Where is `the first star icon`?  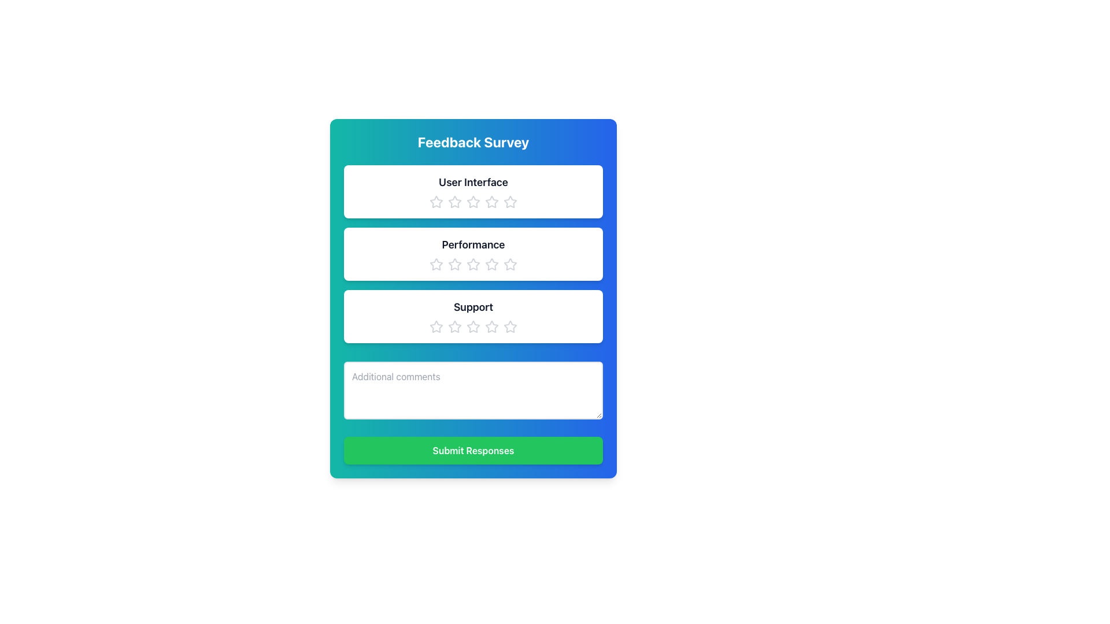
the first star icon is located at coordinates (435, 202).